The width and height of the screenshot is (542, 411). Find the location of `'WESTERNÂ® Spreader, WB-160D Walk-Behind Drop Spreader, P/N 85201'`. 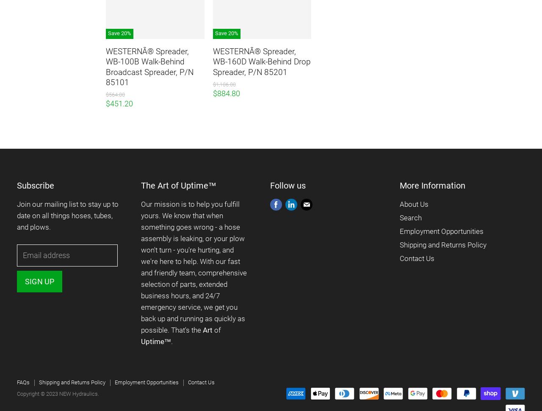

'WESTERNÂ® Spreader, WB-160D Walk-Behind Drop Spreader, P/N 85201' is located at coordinates (261, 61).